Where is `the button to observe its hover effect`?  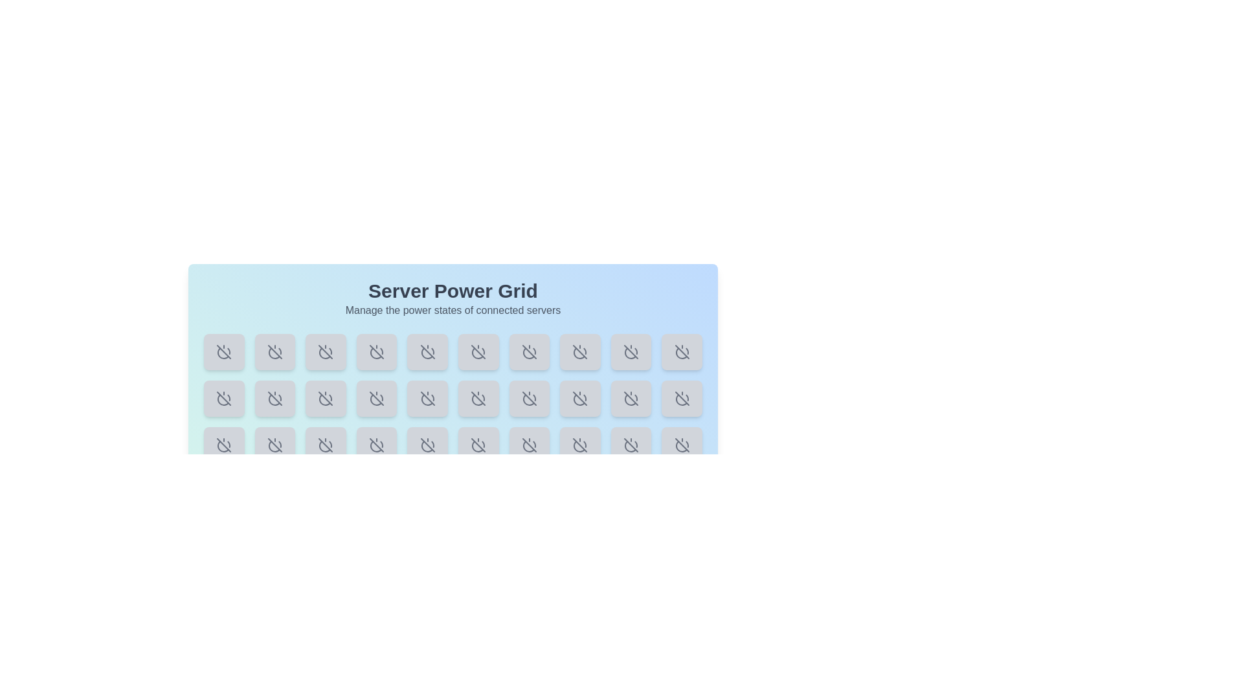
the button to observe its hover effect is located at coordinates (223, 351).